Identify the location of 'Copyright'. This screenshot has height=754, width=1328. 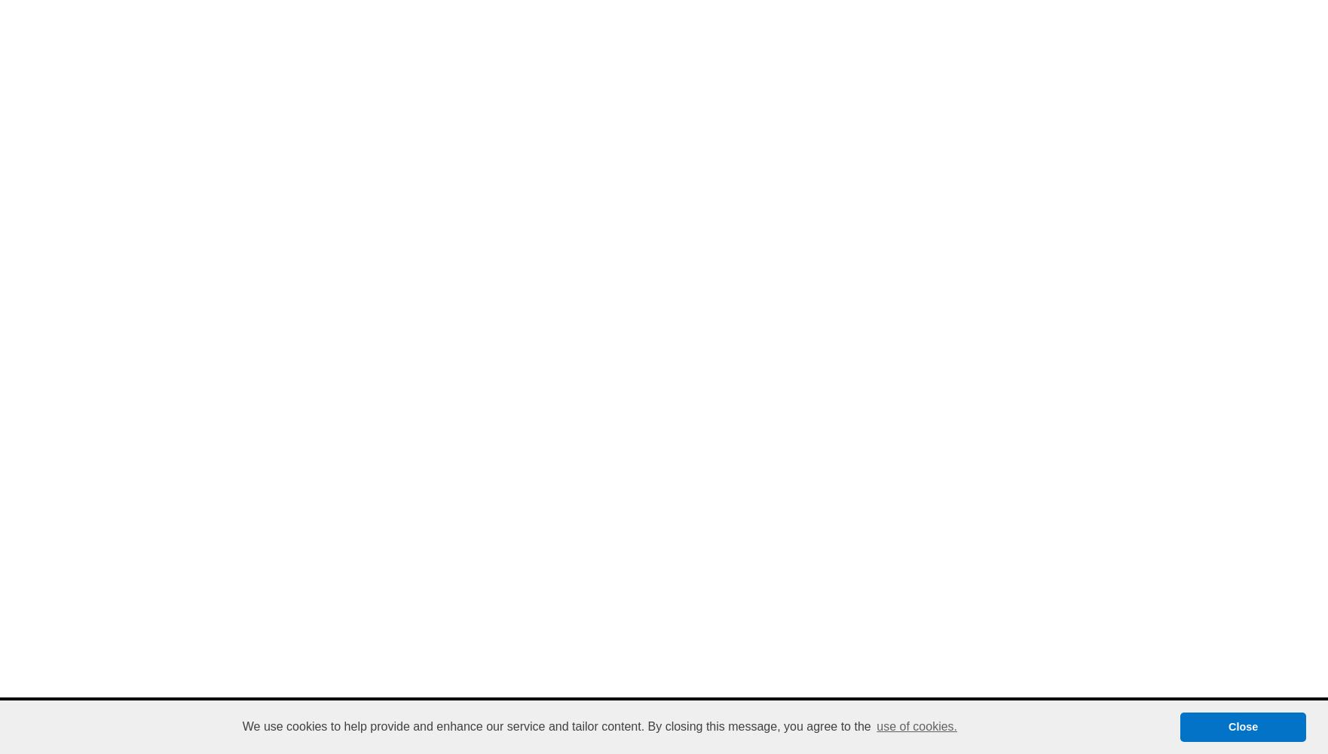
(553, 734).